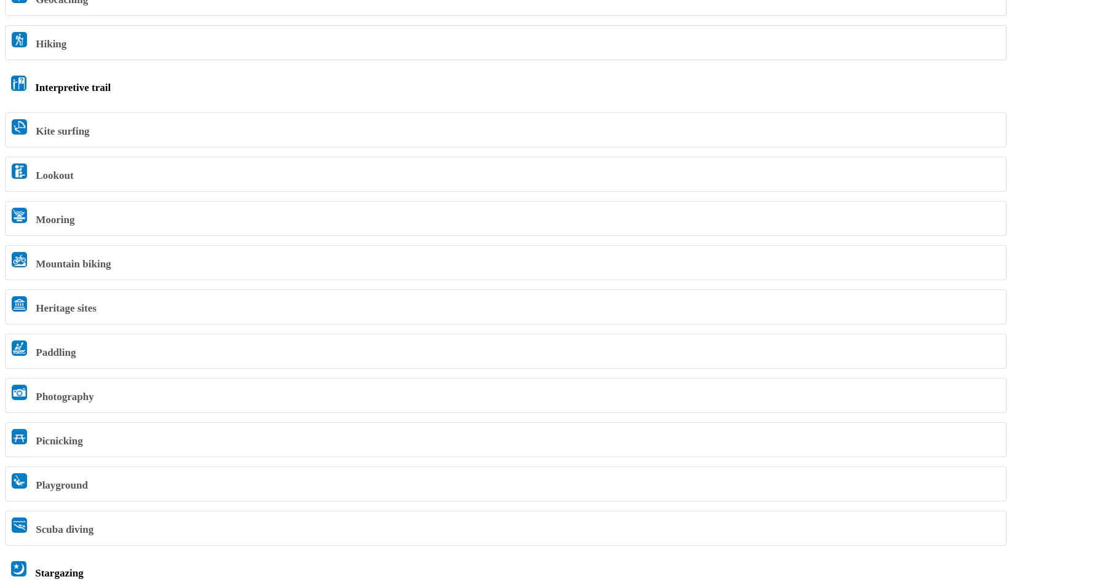 The image size is (1102, 582). Describe the element at coordinates (60, 484) in the screenshot. I see `'Playground'` at that location.